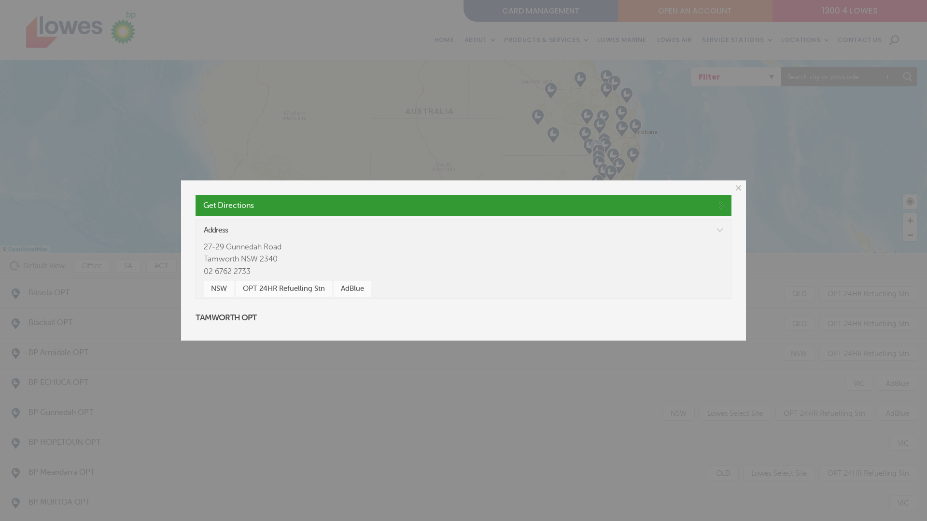 This screenshot has height=521, width=927. What do you see at coordinates (218, 288) in the screenshot?
I see `'NSW'` at bounding box center [218, 288].